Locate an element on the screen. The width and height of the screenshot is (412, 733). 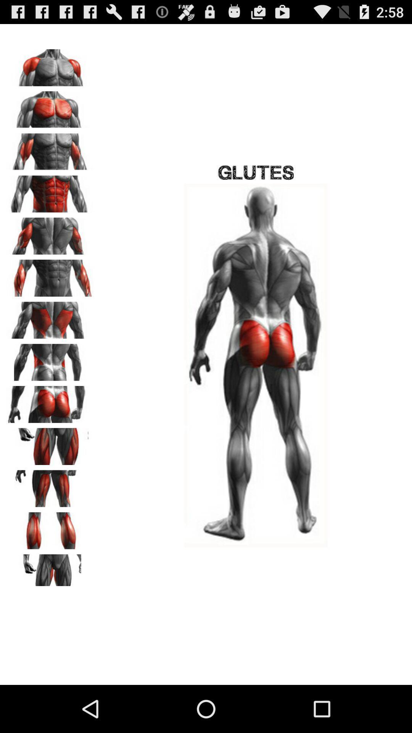
expand pic is located at coordinates (50, 444).